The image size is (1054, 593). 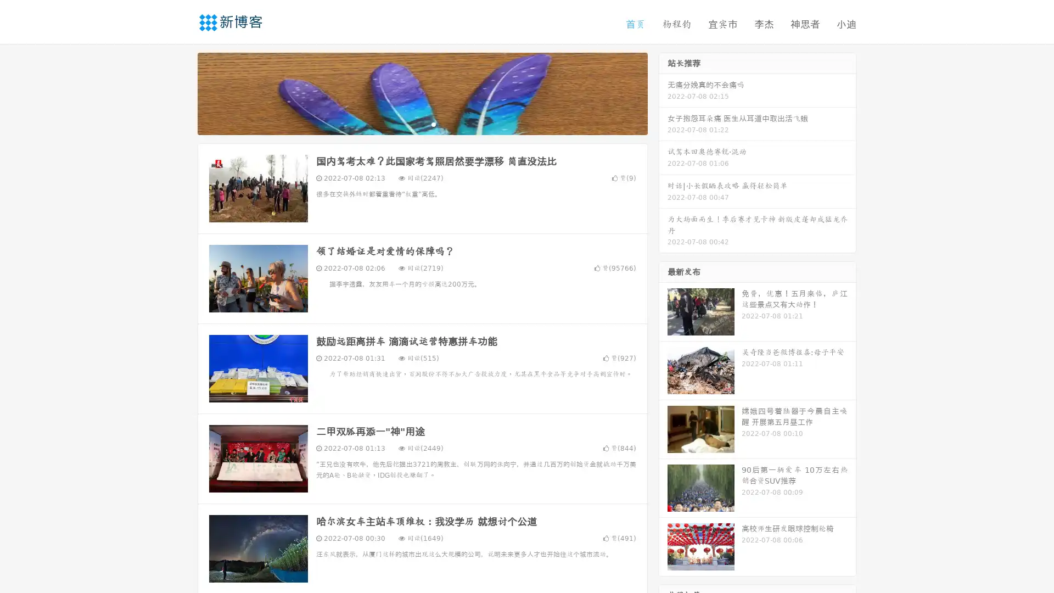 I want to click on Next slide, so click(x=663, y=92).